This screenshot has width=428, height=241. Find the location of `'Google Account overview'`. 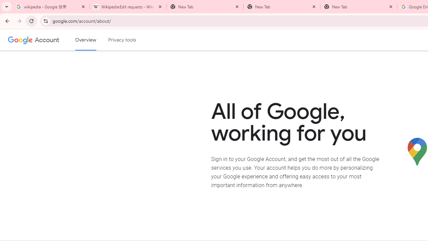

'Google Account overview' is located at coordinates (85, 40).